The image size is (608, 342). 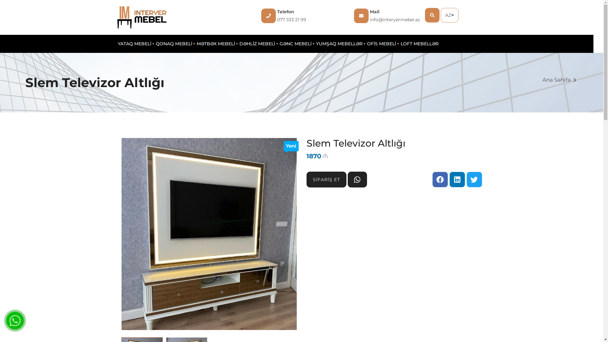 What do you see at coordinates (134, 43) in the screenshot?
I see `'YATAQ MEBELI'` at bounding box center [134, 43].